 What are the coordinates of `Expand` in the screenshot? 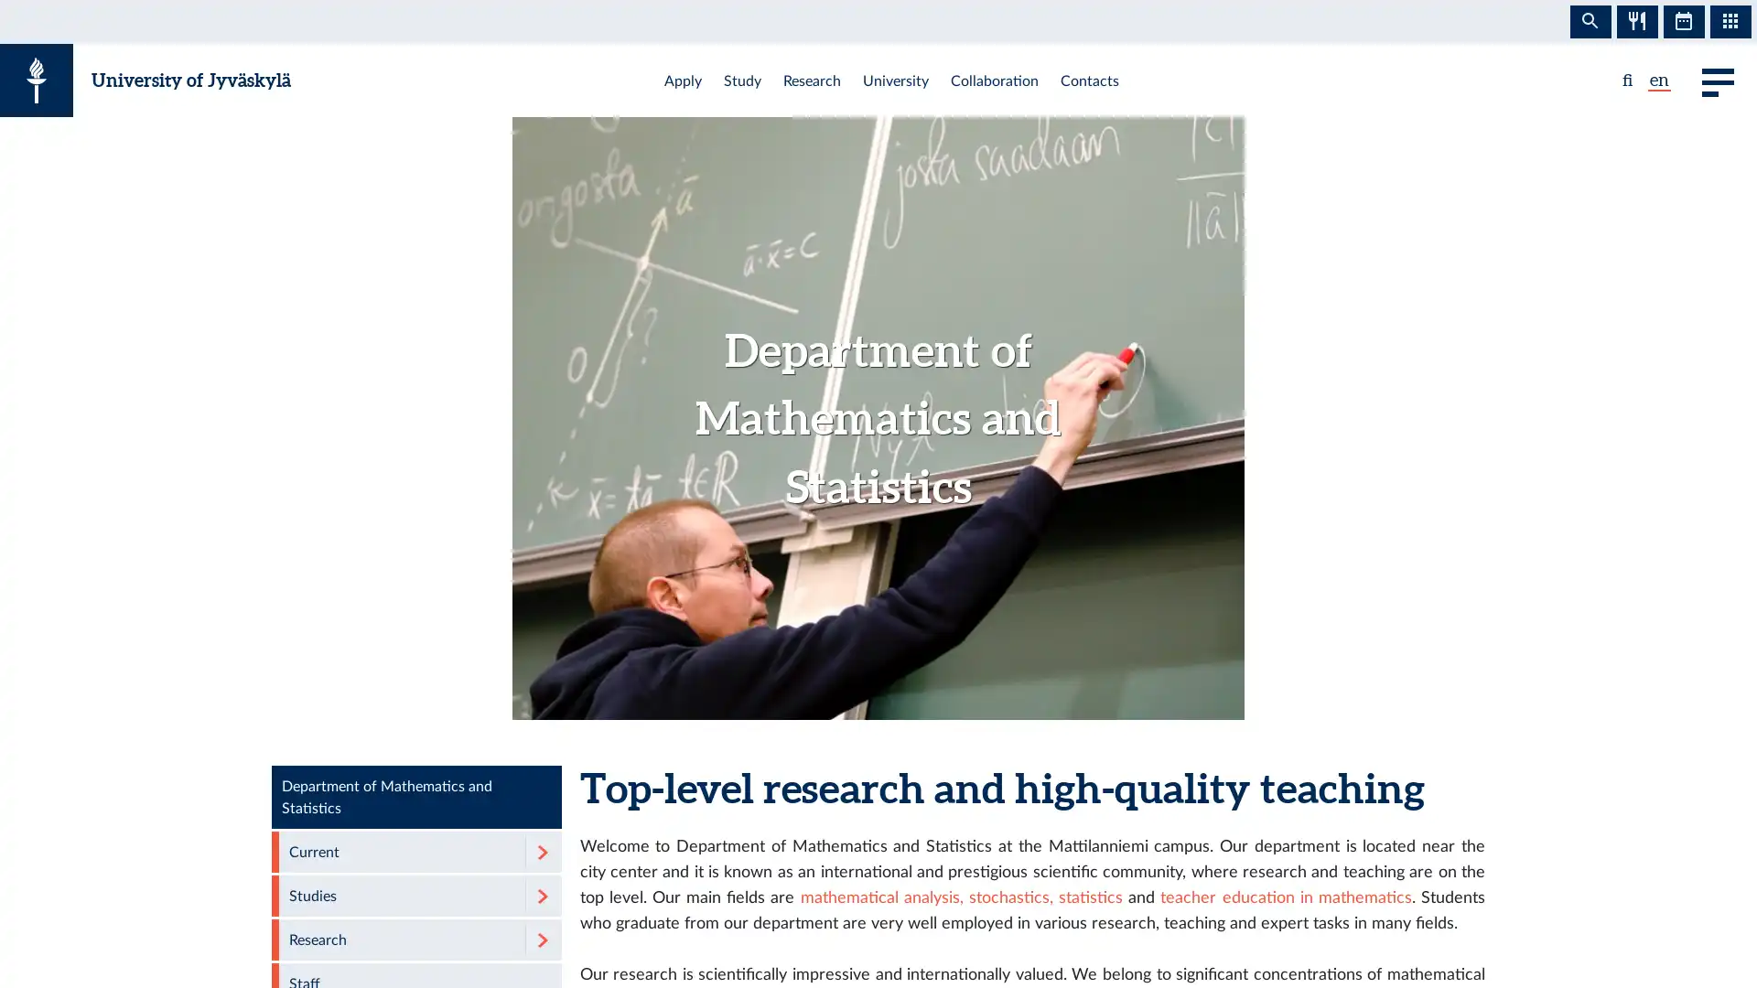 It's located at (542, 894).